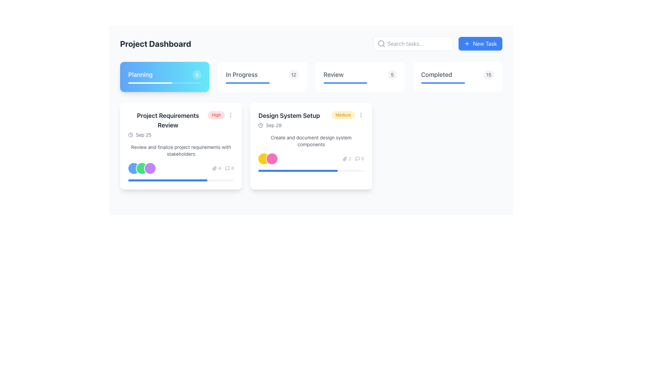 The image size is (657, 369). What do you see at coordinates (381, 43) in the screenshot?
I see `the search icon located at the top-right section of the interface, adjacent to the placeholder text 'Search tasks...'` at bounding box center [381, 43].